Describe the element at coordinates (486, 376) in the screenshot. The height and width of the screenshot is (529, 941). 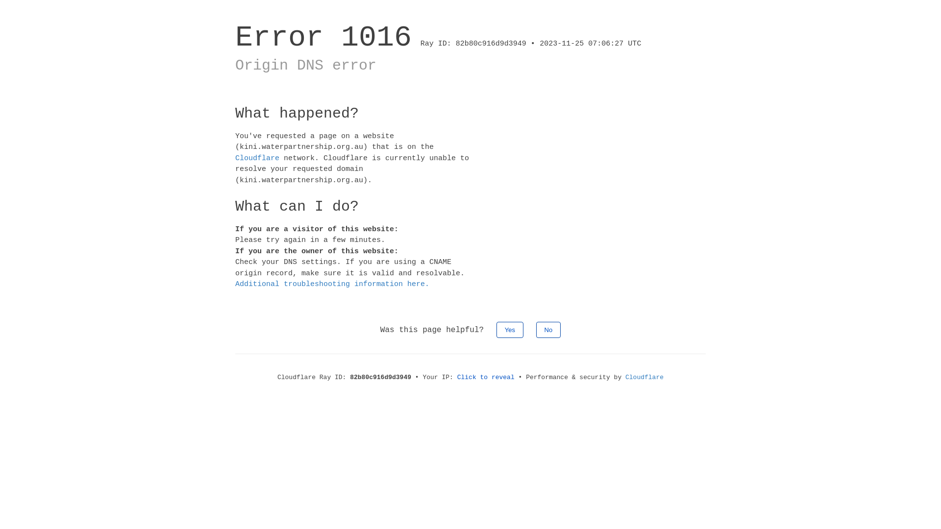
I see `'Click to reveal'` at that location.